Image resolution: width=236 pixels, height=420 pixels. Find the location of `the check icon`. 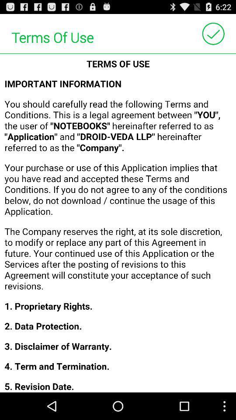

the check icon is located at coordinates (213, 36).